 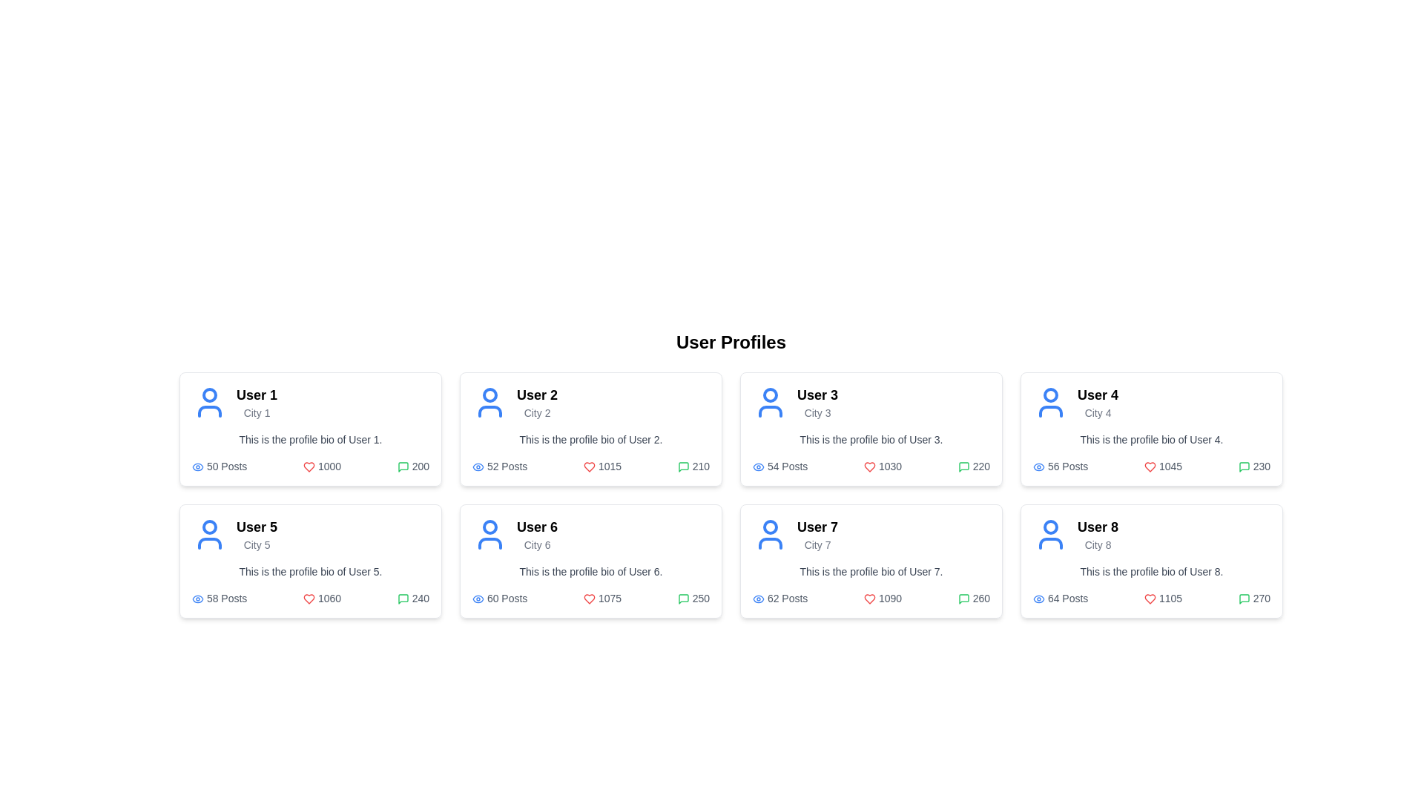 What do you see at coordinates (963, 599) in the screenshot?
I see `the green speech bubble icon located at the bottom right corner of the 'User 7' profile card, adjacent to the numeric text '260'` at bounding box center [963, 599].